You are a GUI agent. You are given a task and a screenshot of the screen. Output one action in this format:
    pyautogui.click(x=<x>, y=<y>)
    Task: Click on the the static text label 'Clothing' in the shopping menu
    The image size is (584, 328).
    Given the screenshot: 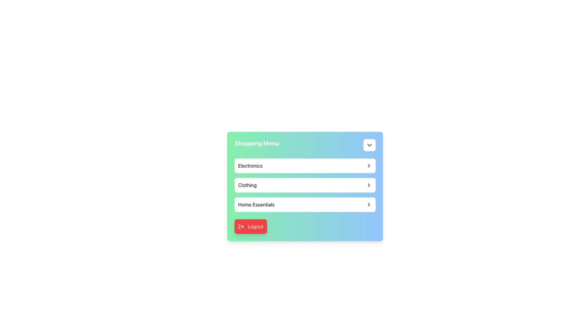 What is the action you would take?
    pyautogui.click(x=247, y=185)
    